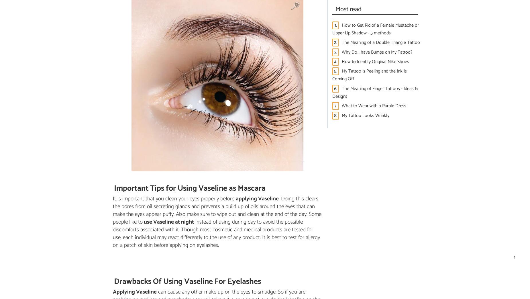  I want to click on 'The Meaning of a Double Triangle Tattoo', so click(380, 42).